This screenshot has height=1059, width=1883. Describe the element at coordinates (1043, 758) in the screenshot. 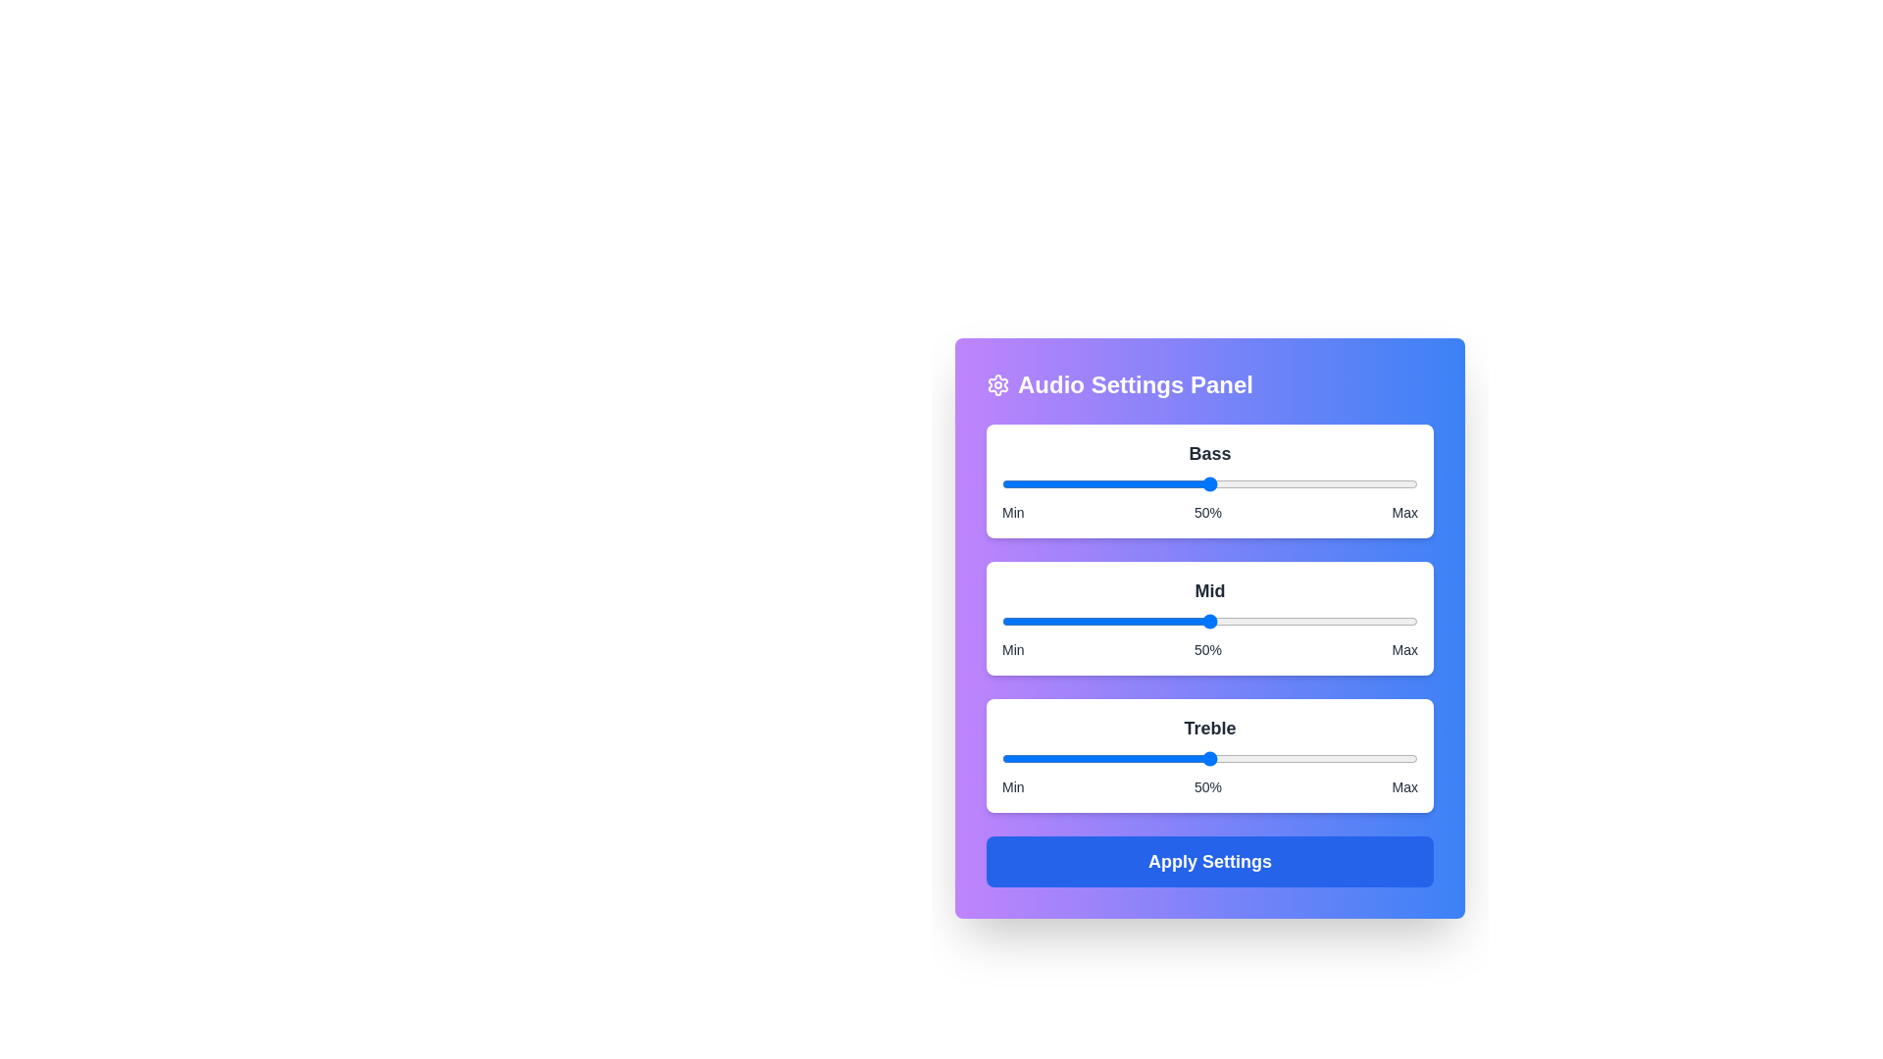

I see `the treble level` at that location.